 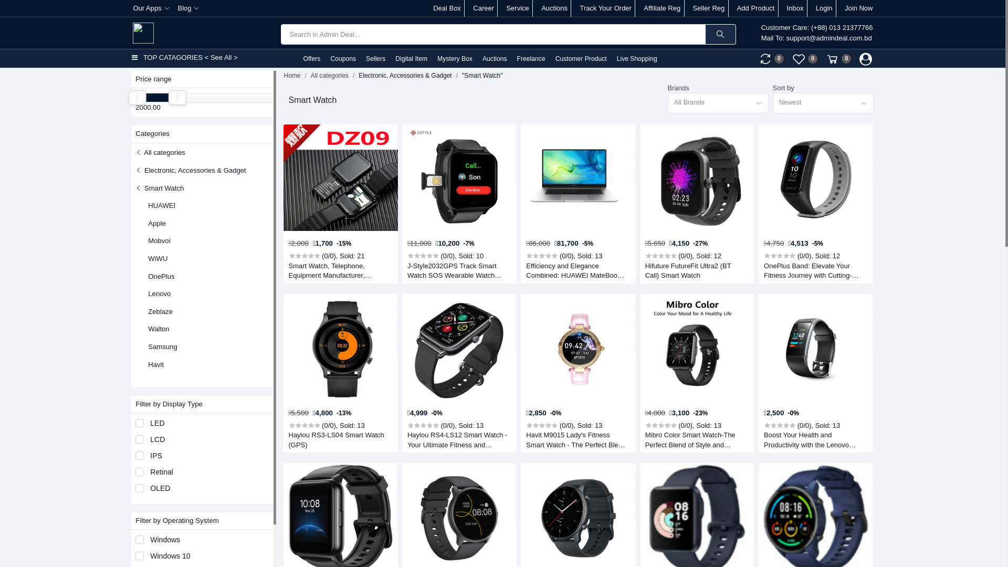 I want to click on 'All categories', so click(x=160, y=152).